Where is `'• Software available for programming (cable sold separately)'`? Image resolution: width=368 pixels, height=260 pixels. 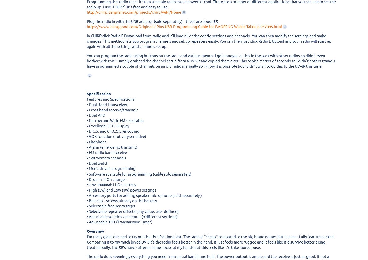
'• Software available for programming (cable sold separately)' is located at coordinates (139, 174).